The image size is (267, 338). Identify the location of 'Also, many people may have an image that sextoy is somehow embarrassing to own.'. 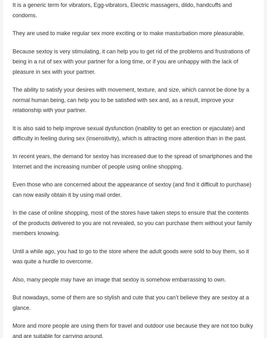
(119, 279).